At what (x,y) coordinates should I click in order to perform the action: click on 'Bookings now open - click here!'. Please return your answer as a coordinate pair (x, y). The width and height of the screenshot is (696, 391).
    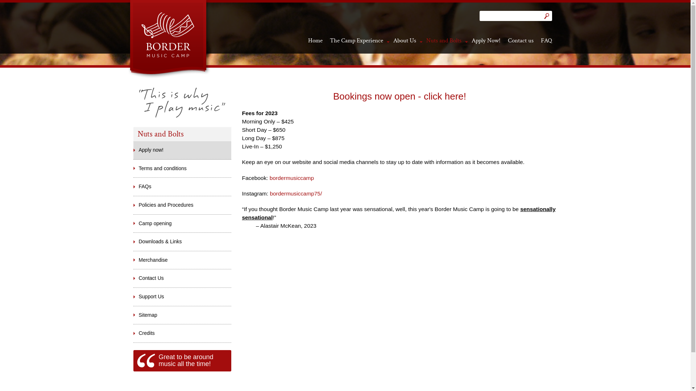
    Looking at the image, I should click on (399, 96).